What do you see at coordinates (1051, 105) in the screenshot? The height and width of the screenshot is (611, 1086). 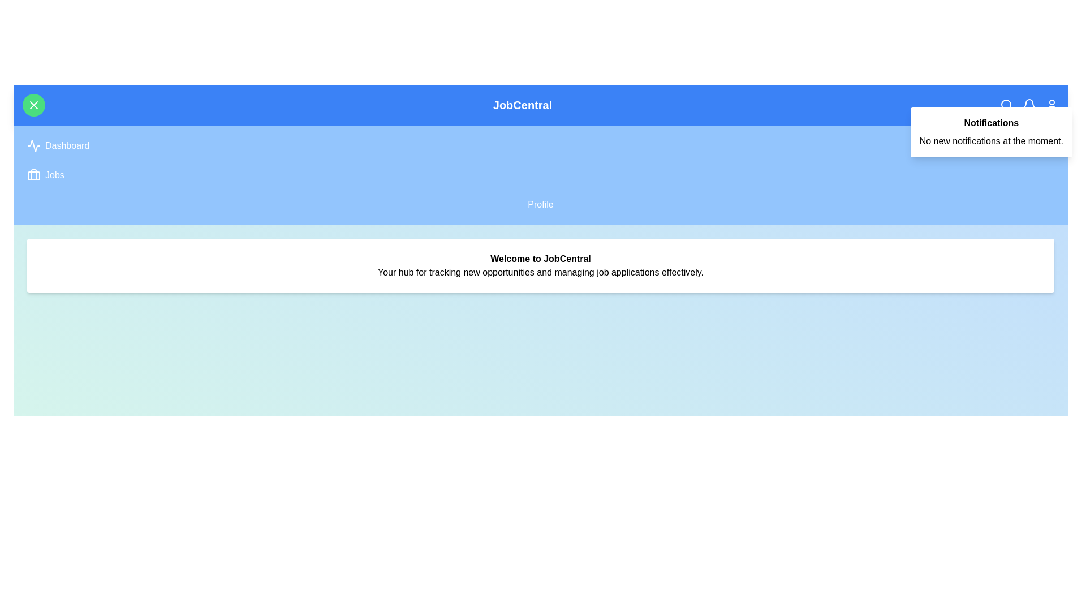 I see `the user profile icon in the navigation bar` at bounding box center [1051, 105].